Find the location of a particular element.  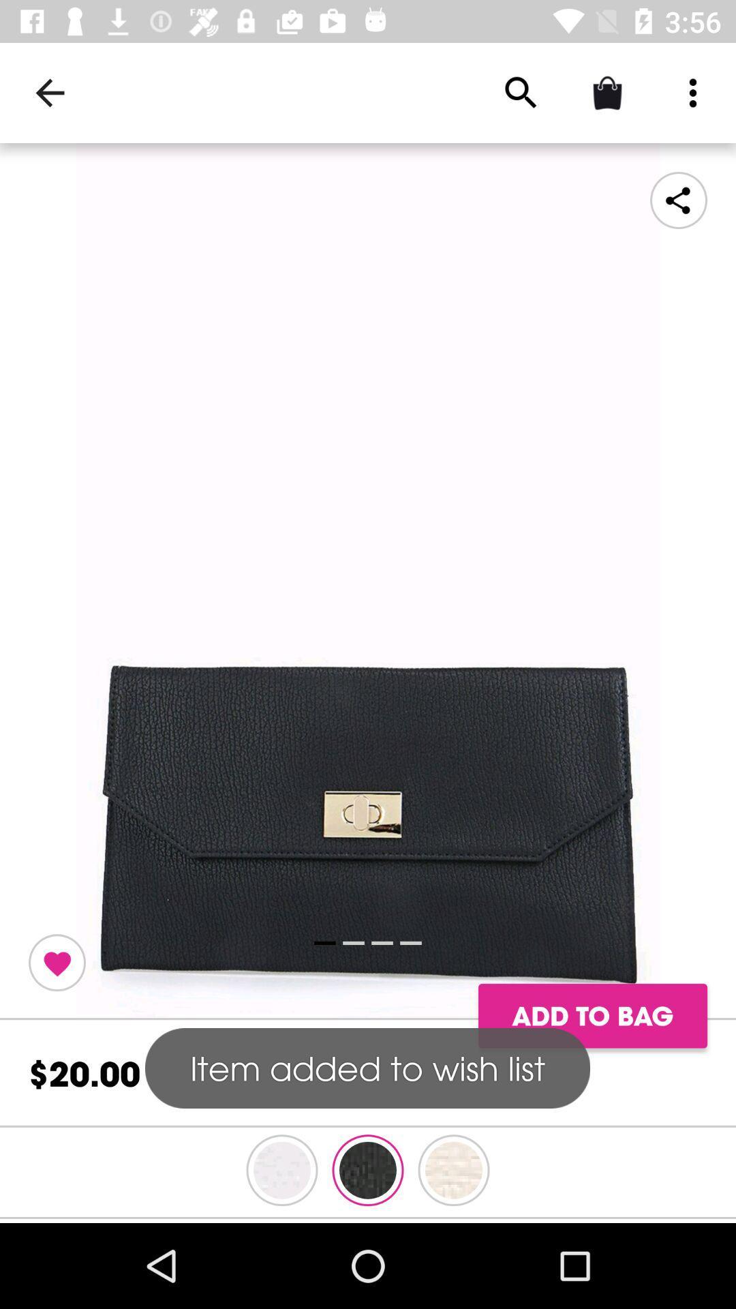

the avatar icon is located at coordinates (454, 1169).